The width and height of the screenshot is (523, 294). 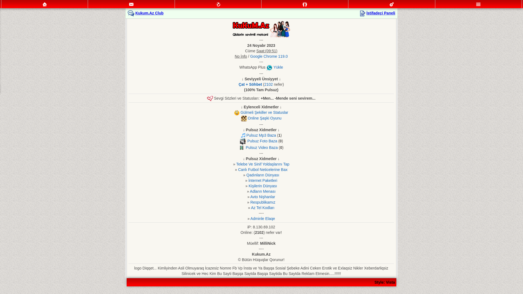 What do you see at coordinates (149, 13) in the screenshot?
I see `'Kukum.Az Club'` at bounding box center [149, 13].